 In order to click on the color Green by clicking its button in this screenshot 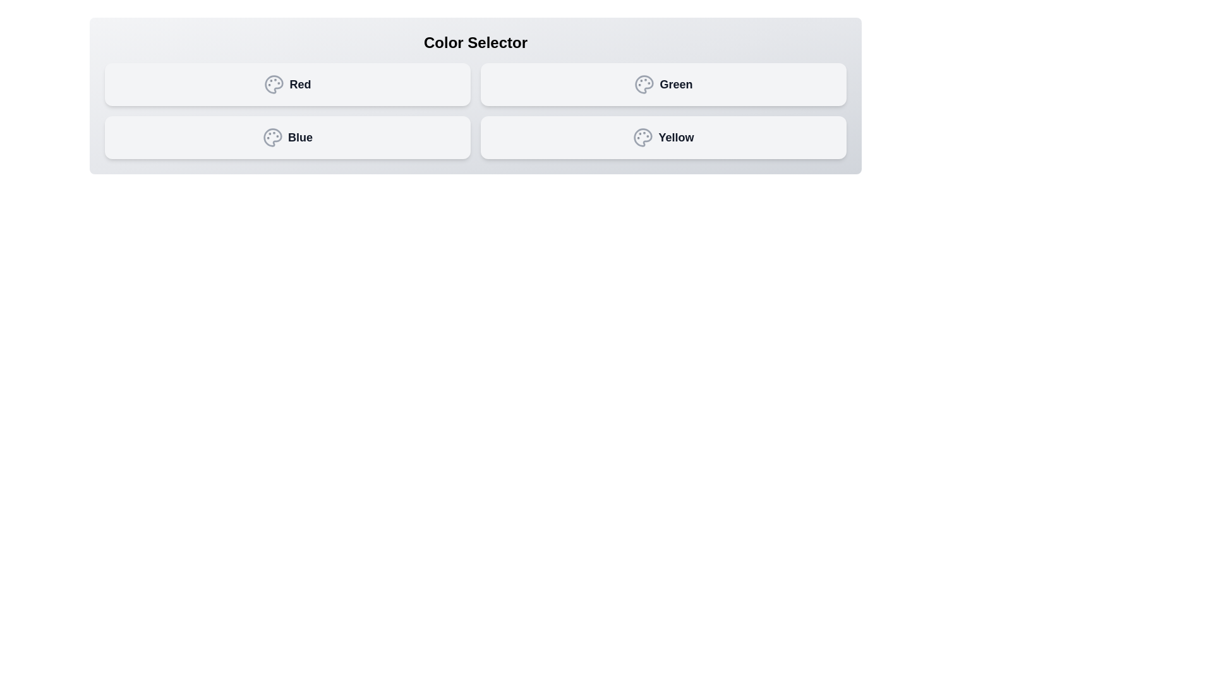, I will do `click(663, 85)`.